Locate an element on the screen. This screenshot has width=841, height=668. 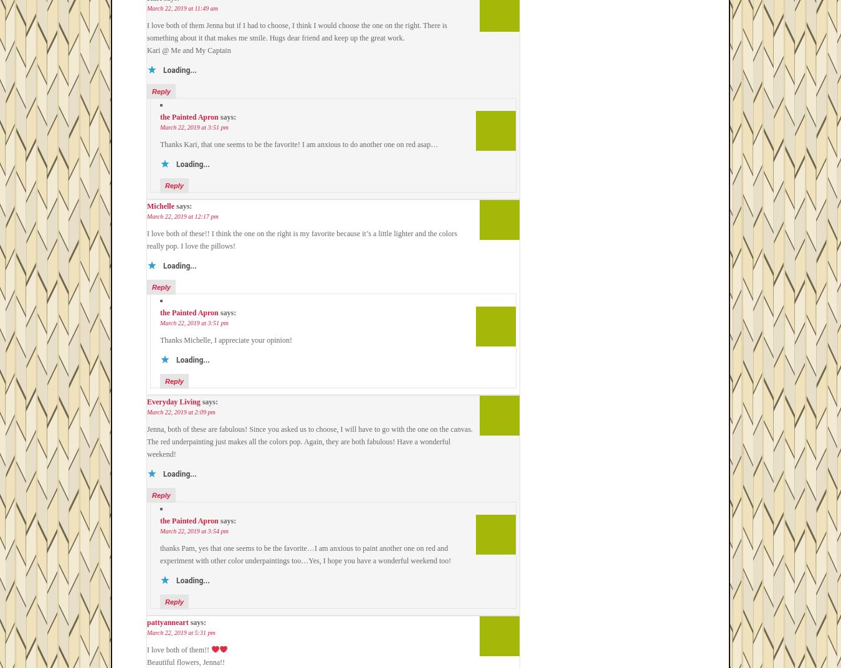
'I love both of these!! I think the one on the right is my favorite because it’s a little lighter and the colors really pop. I love the pillows!' is located at coordinates (301, 239).